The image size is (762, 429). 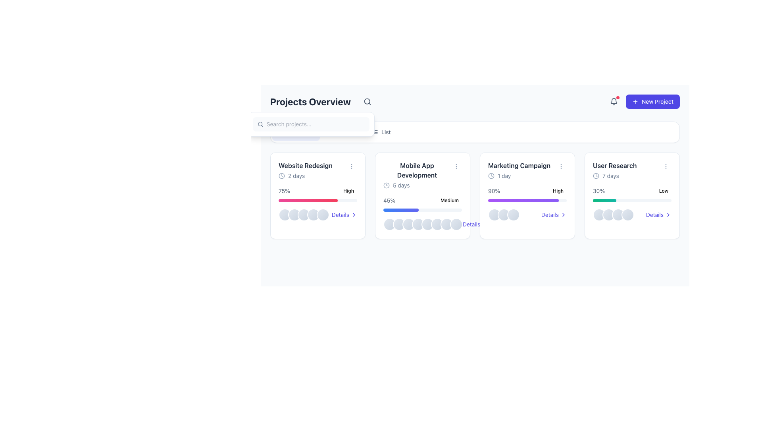 I want to click on the text link for the 'Marketing Campaign' project located at the bottom of the third project card, so click(x=549, y=214).